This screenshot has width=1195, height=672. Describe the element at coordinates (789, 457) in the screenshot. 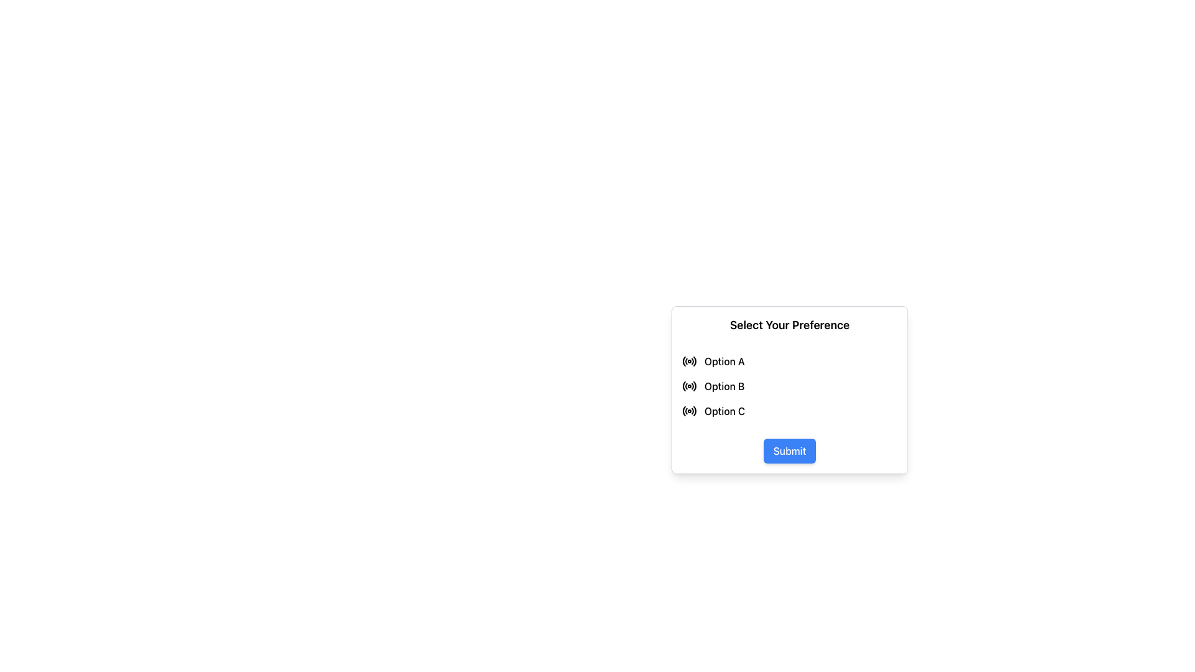

I see `the 'Submit' button at the bottom of the dialog box titled 'Select Your Preference'` at that location.